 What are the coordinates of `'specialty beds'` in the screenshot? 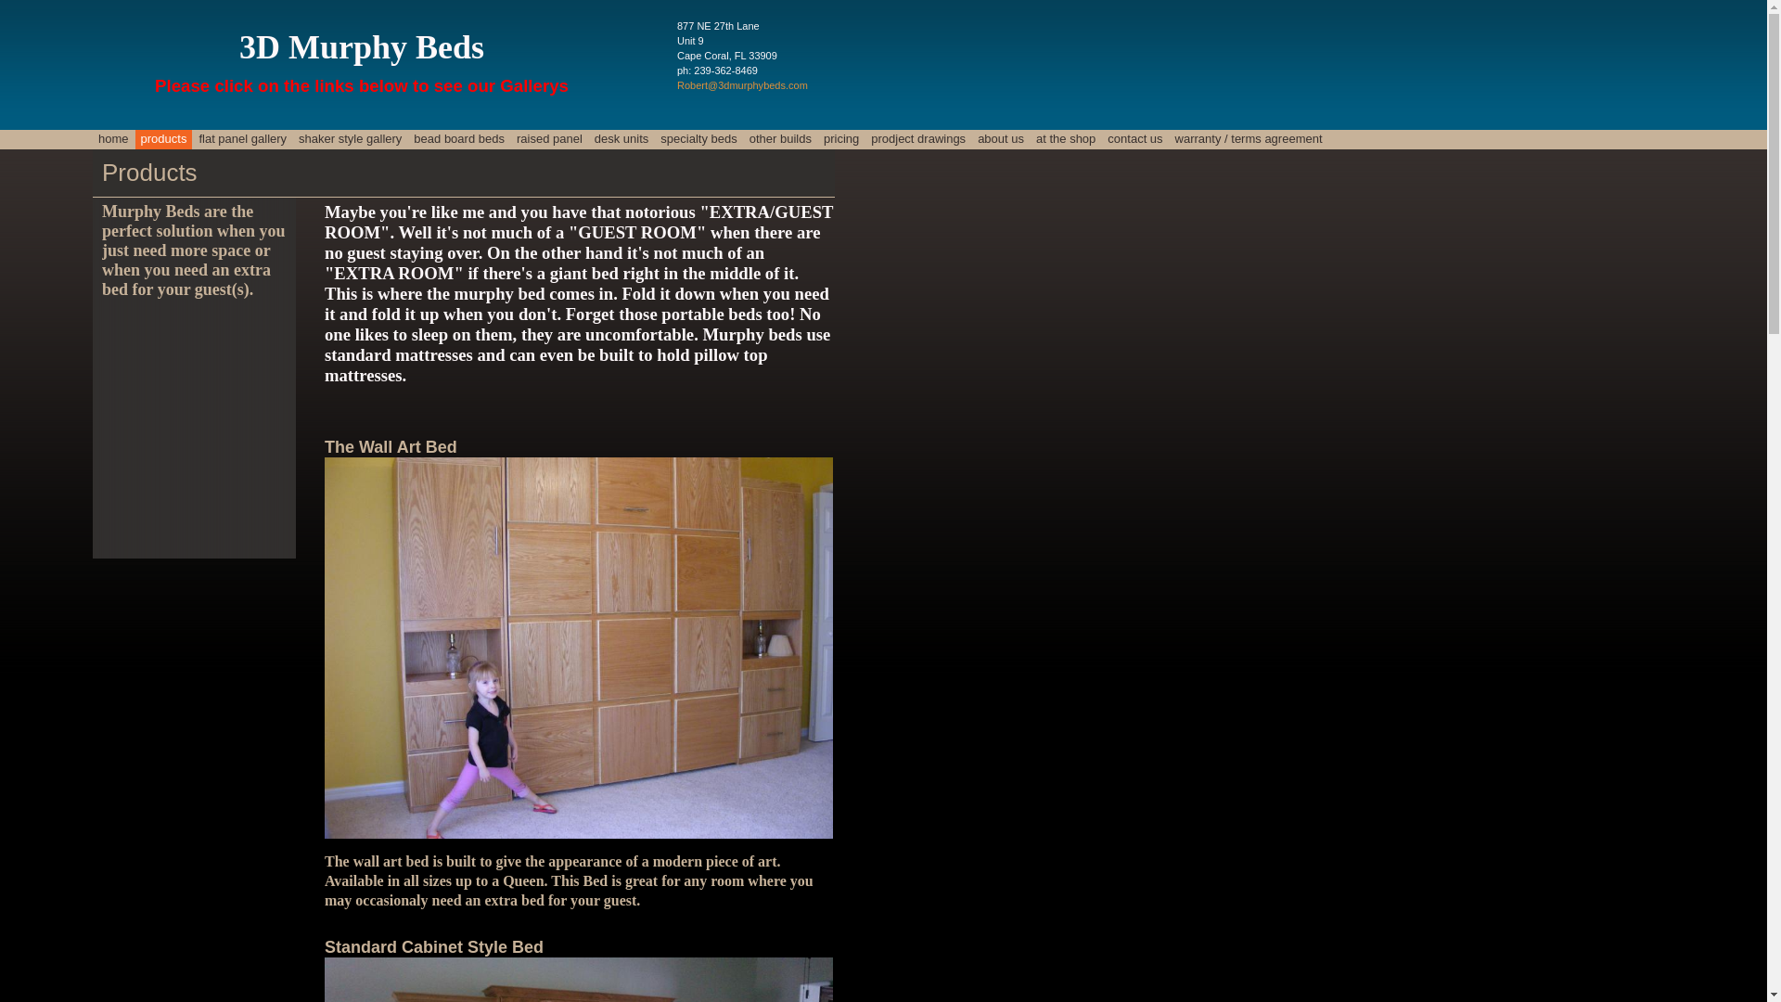 It's located at (654, 138).